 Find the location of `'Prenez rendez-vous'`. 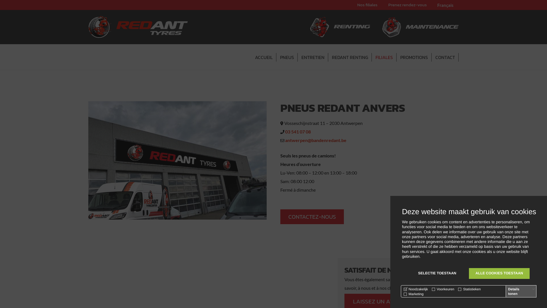

'Prenez rendez-vous' is located at coordinates (407, 5).